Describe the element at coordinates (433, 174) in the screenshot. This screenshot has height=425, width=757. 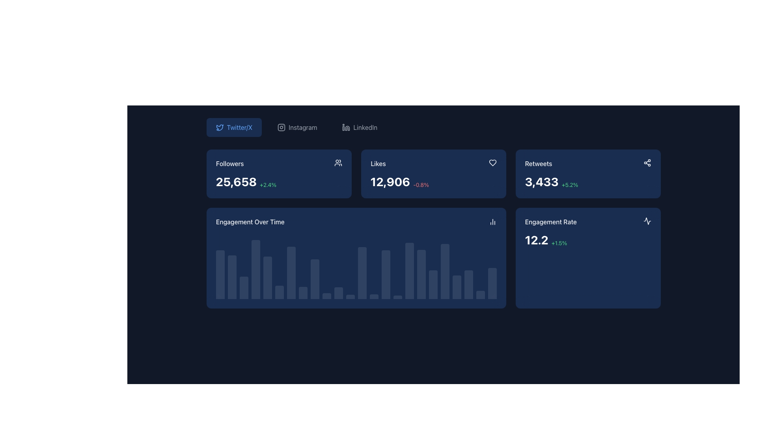
I see `the Statistical metric card displaying 'Likes' with the number '12,906' and a percentage change of '-0.8%' in red` at that location.